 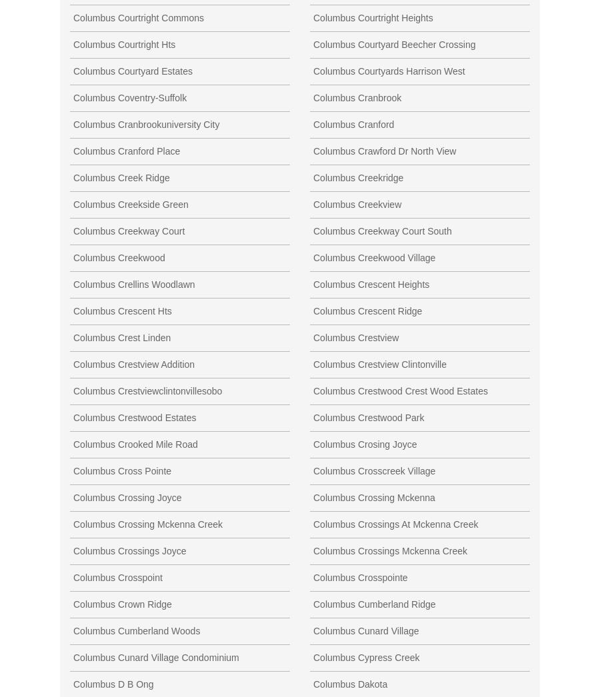 What do you see at coordinates (122, 604) in the screenshot?
I see `'Columbus Crown Ridge'` at bounding box center [122, 604].